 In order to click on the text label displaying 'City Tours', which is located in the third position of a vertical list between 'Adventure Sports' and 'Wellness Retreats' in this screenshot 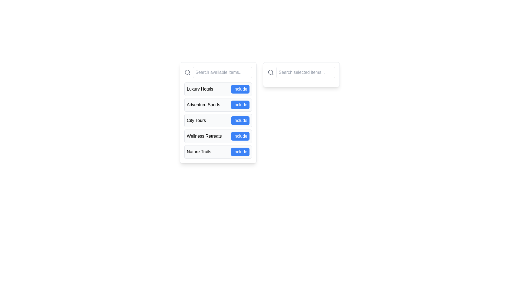, I will do `click(196, 120)`.